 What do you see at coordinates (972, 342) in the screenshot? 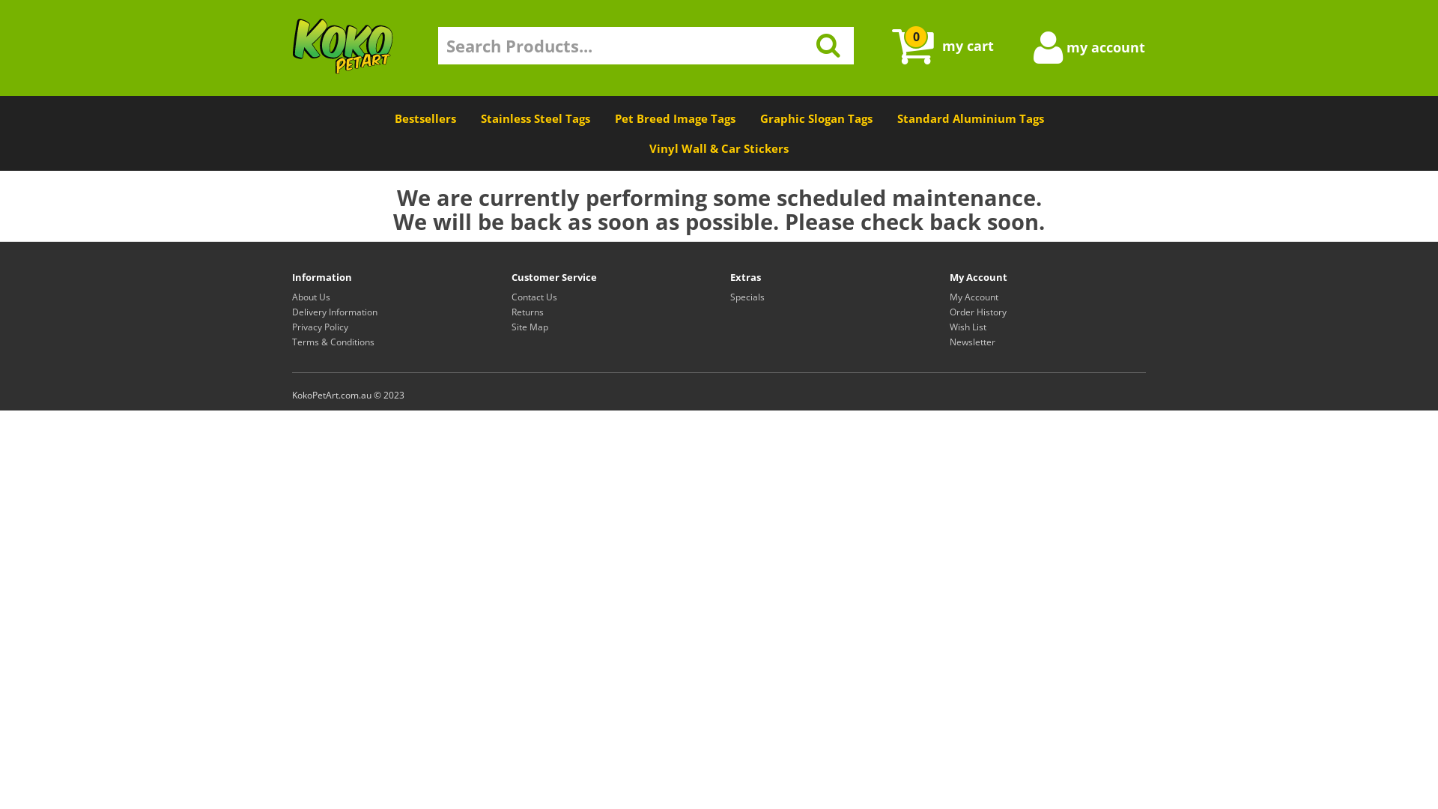
I see `'Newsletter'` at bounding box center [972, 342].